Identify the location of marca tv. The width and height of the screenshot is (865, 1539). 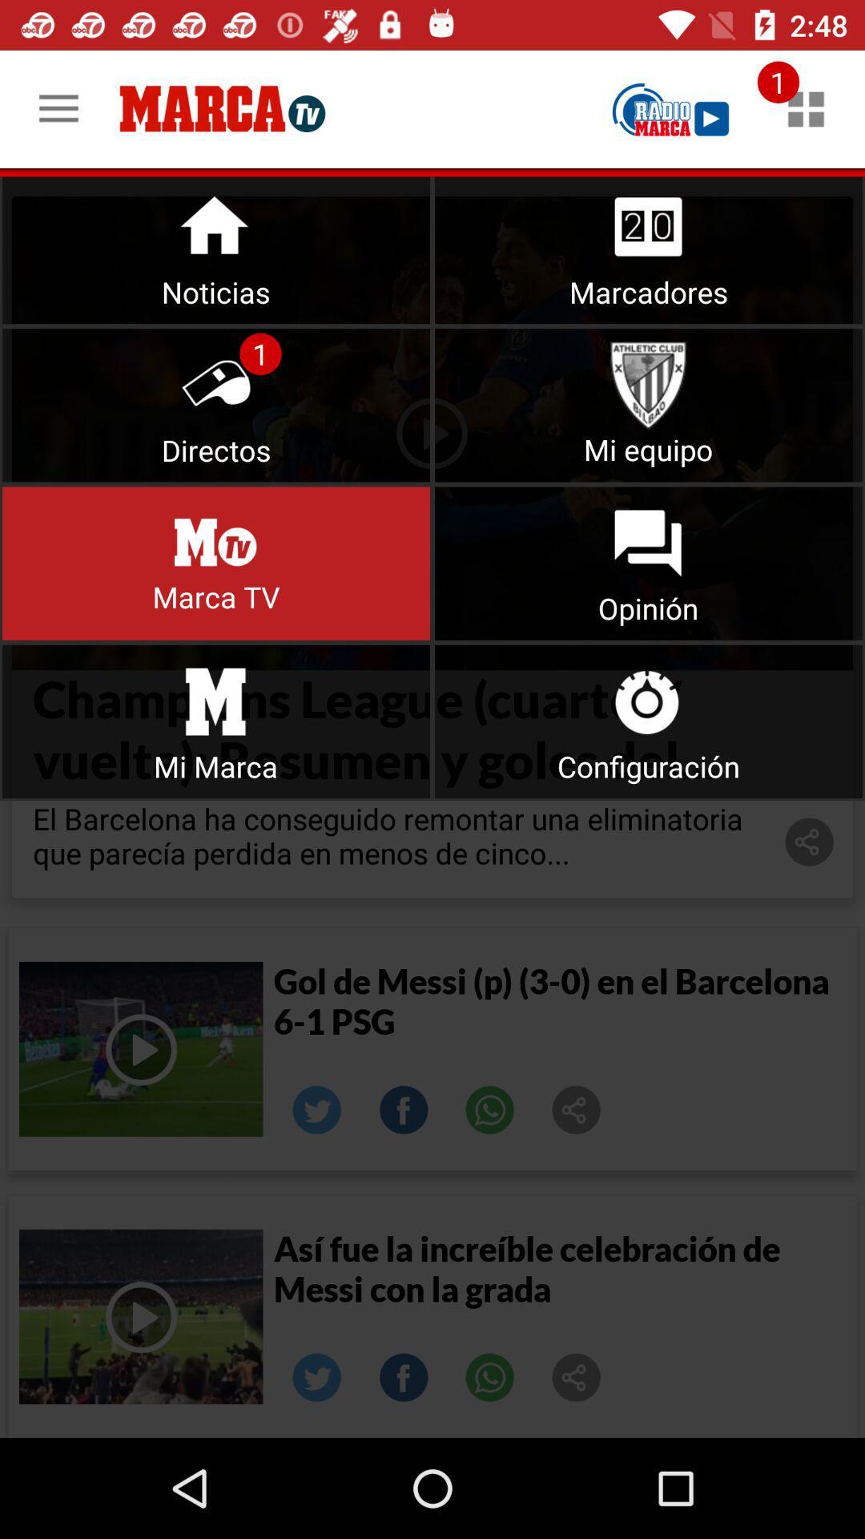
(216, 563).